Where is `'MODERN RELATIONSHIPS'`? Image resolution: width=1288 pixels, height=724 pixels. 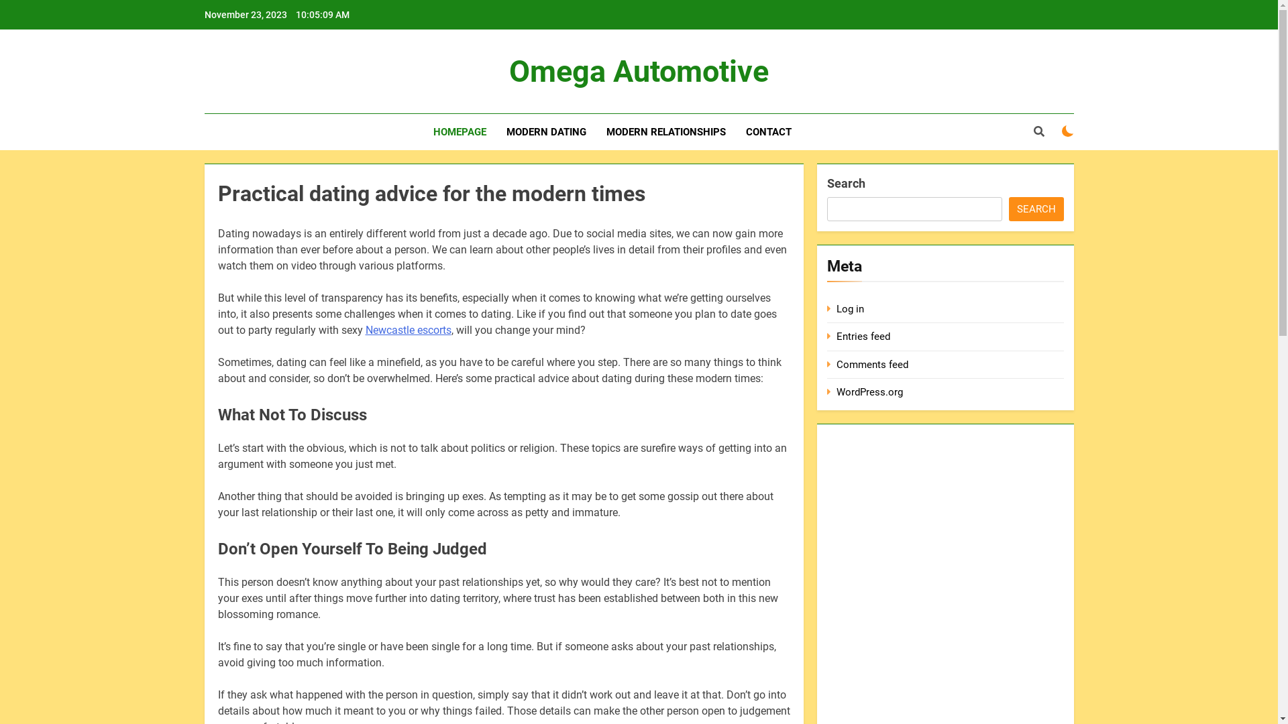 'MODERN RELATIONSHIPS' is located at coordinates (666, 131).